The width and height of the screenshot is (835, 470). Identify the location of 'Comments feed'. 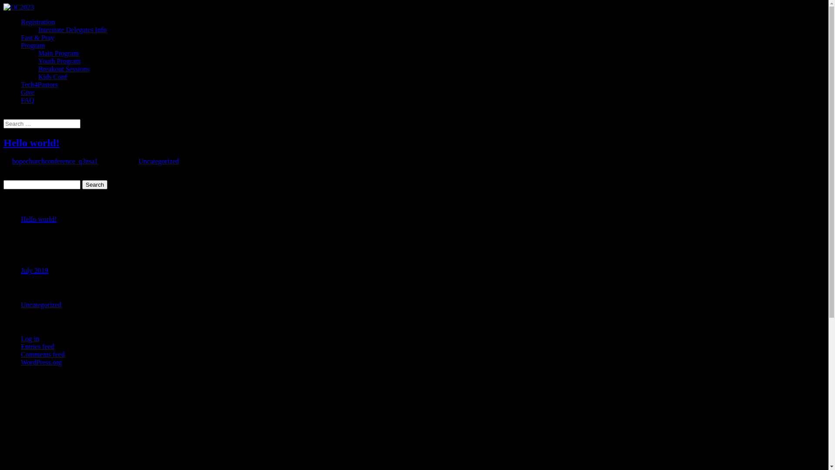
(21, 354).